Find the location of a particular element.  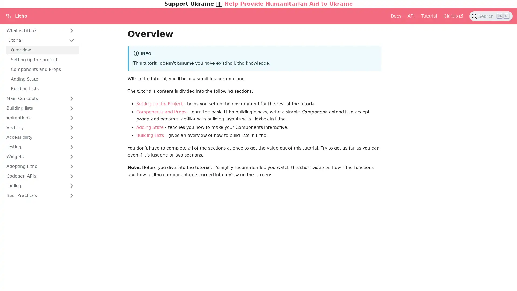

Search is located at coordinates (491, 16).